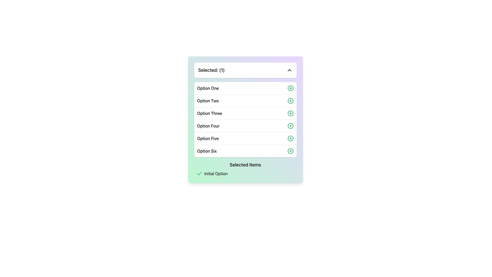 This screenshot has height=277, width=492. What do you see at coordinates (290, 126) in the screenshot?
I see `the circular button associated with the list item 'Option Four'` at bounding box center [290, 126].